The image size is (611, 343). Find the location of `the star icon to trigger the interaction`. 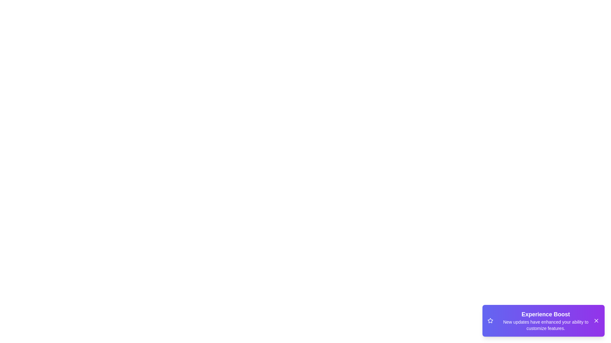

the star icon to trigger the interaction is located at coordinates (490, 321).